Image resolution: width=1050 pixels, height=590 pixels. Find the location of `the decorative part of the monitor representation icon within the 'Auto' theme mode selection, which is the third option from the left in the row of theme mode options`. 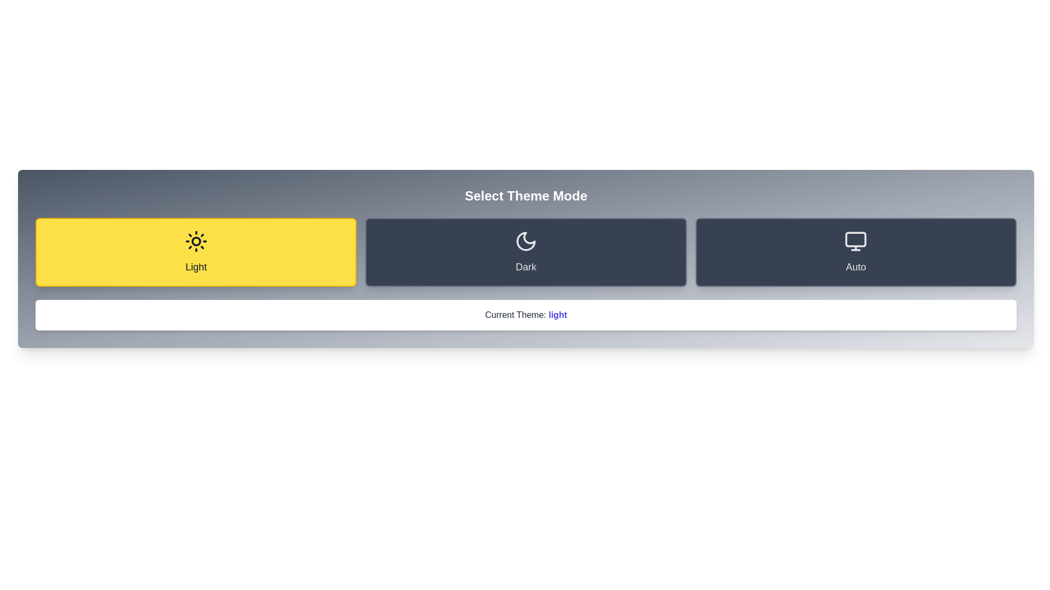

the decorative part of the monitor representation icon within the 'Auto' theme mode selection, which is the third option from the left in the row of theme mode options is located at coordinates (855, 239).